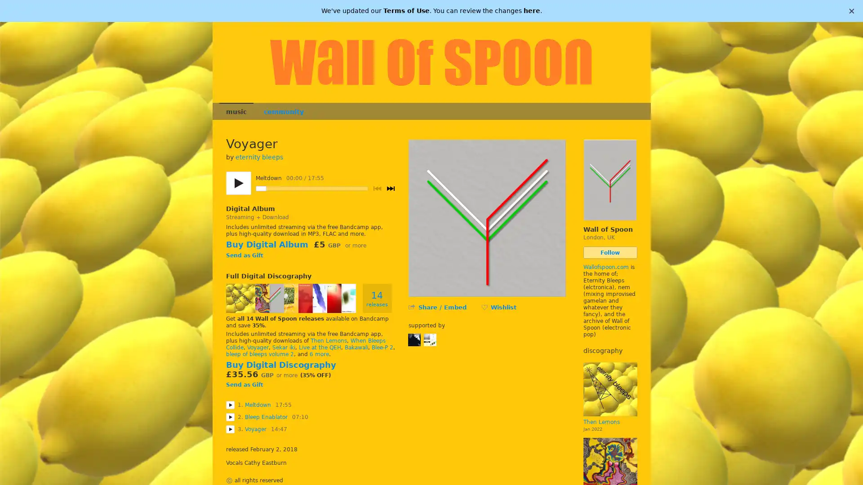 The width and height of the screenshot is (863, 485). What do you see at coordinates (244, 256) in the screenshot?
I see `Send as Gift` at bounding box center [244, 256].